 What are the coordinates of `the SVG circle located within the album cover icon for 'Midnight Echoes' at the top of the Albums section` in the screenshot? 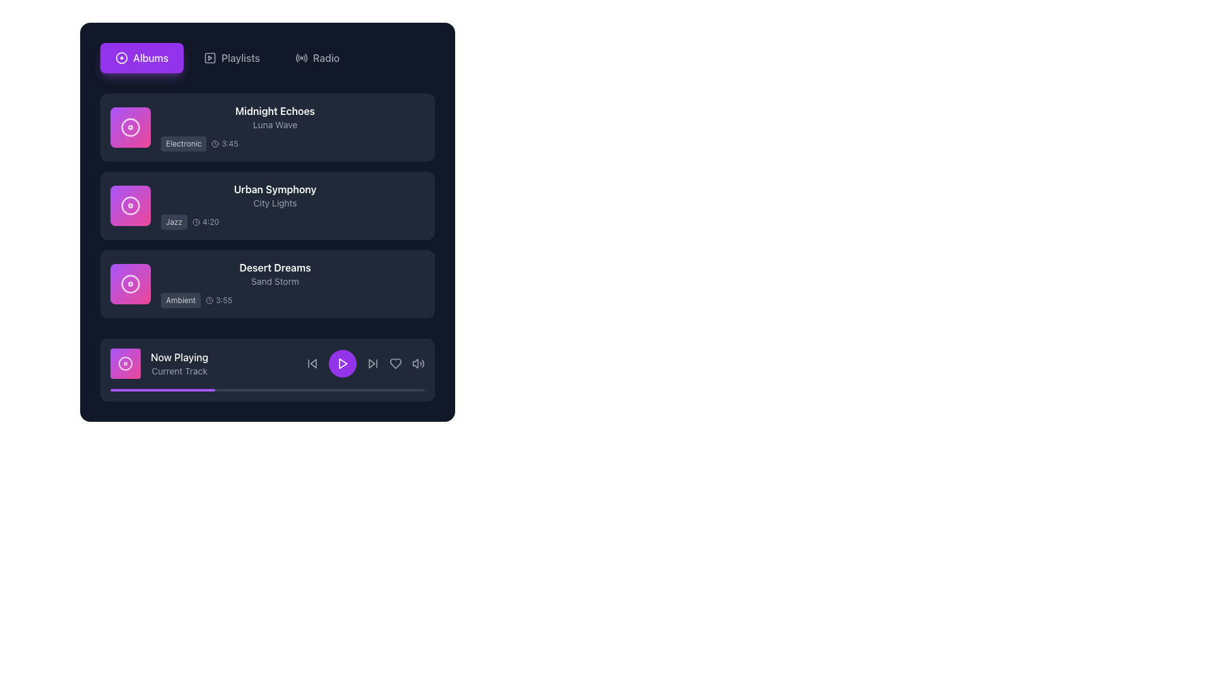 It's located at (130, 127).